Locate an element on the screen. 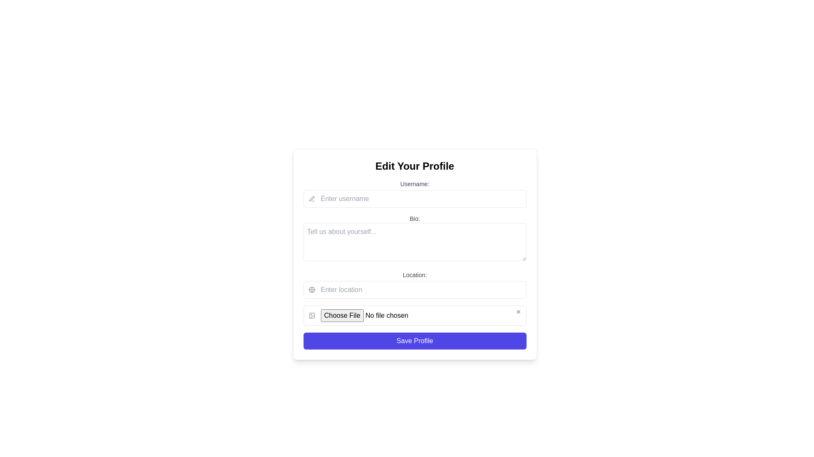 This screenshot has width=814, height=457. the icon indicating the editable state next to the 'Enter username' input field in the 'Edit Your Profile' form is located at coordinates (311, 199).